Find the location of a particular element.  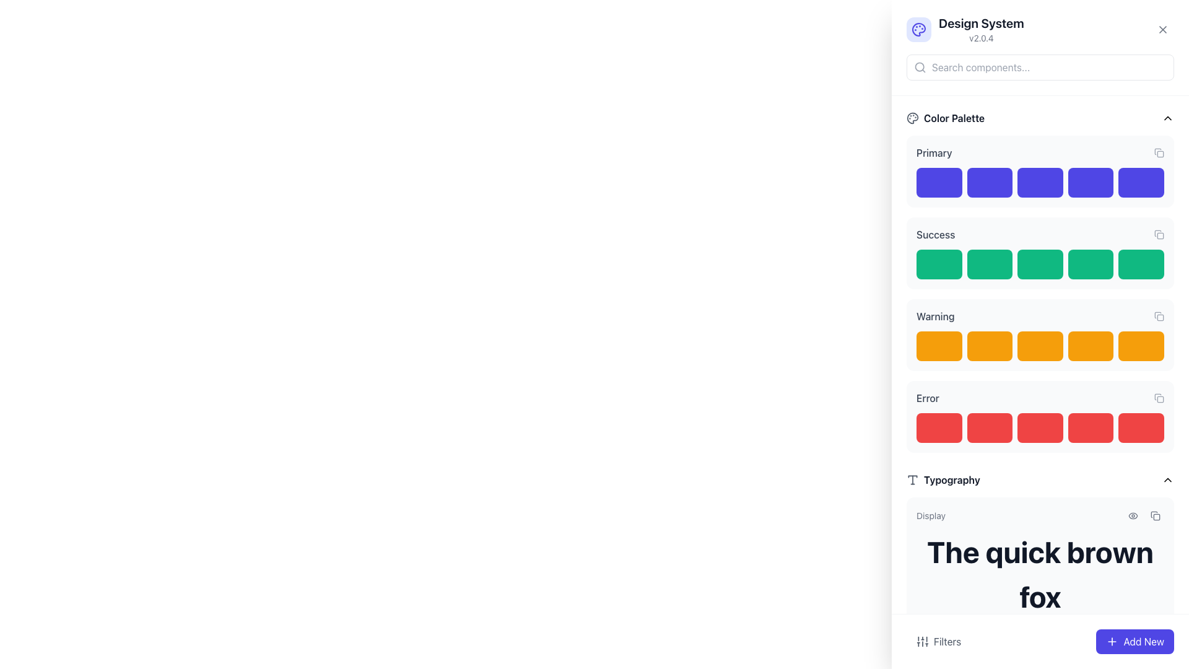

the vibrant blue rectangular block with rounded corners, which is the fifth block is located at coordinates (1141, 182).